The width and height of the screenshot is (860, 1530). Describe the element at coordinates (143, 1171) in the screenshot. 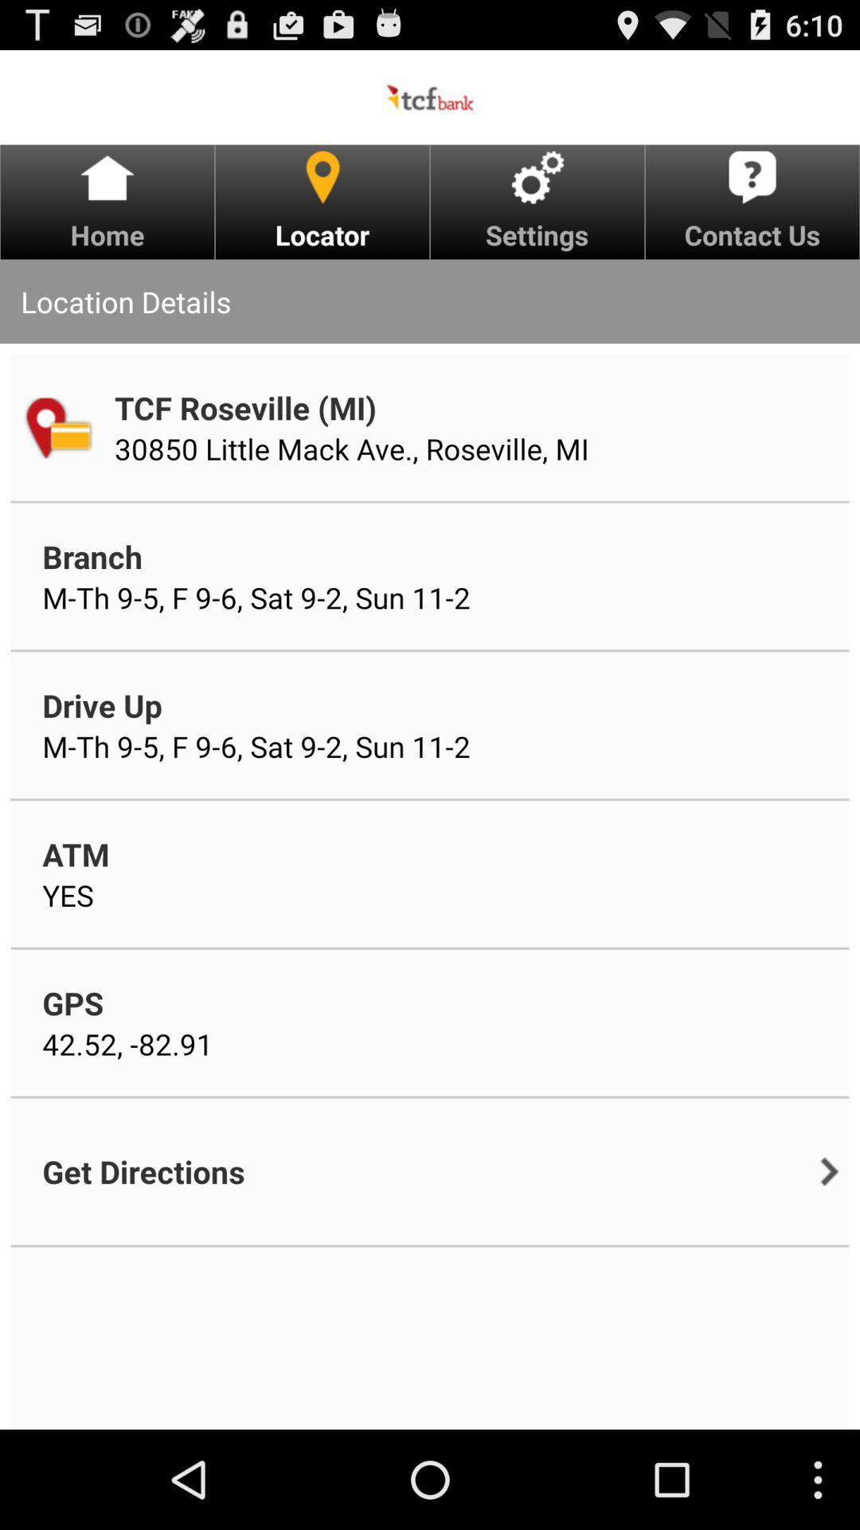

I see `get directions item` at that location.